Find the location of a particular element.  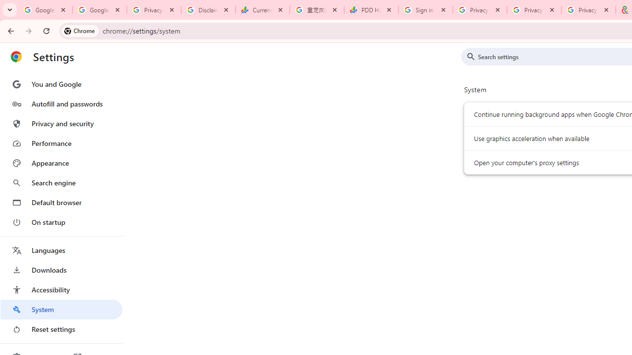

'Privacy Checkup' is located at coordinates (533, 10).